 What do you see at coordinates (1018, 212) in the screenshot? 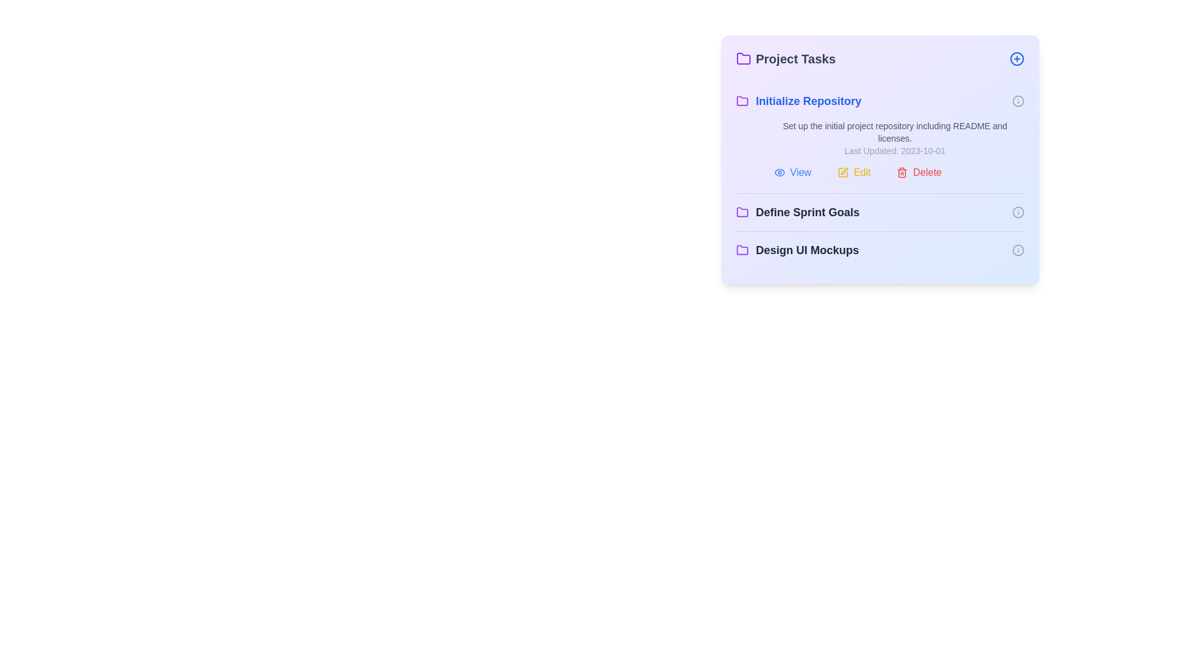
I see `the circular informational icon located next to the 'Define Sprint Goals' text within the task list` at bounding box center [1018, 212].